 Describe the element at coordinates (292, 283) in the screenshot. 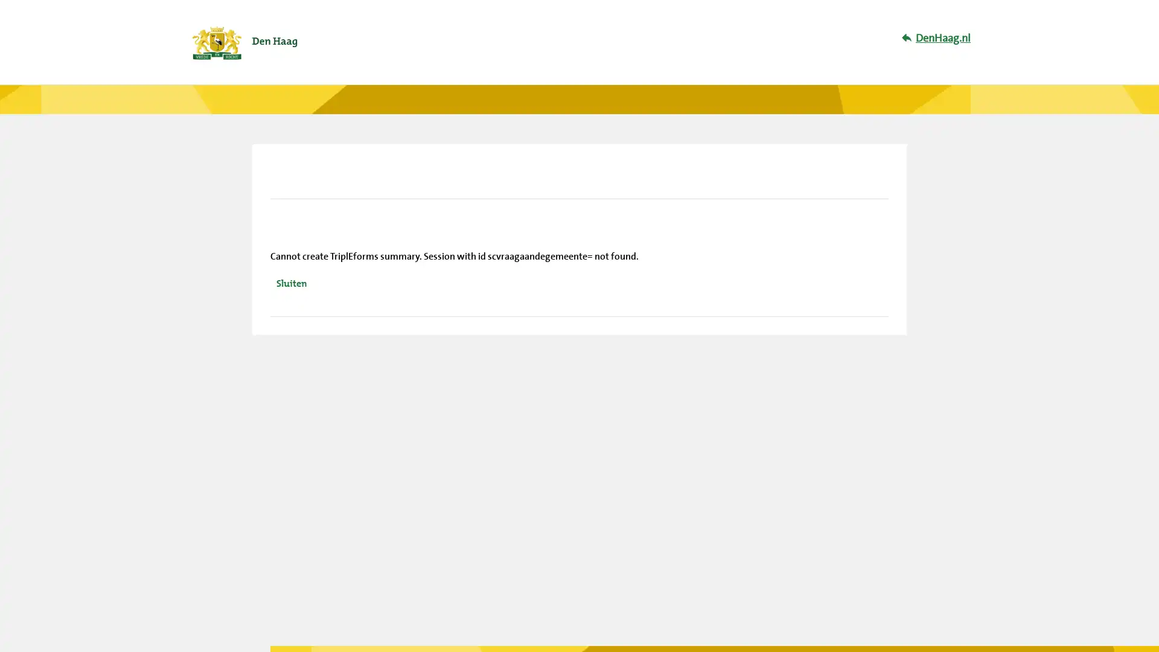

I see `Sluiten` at that location.